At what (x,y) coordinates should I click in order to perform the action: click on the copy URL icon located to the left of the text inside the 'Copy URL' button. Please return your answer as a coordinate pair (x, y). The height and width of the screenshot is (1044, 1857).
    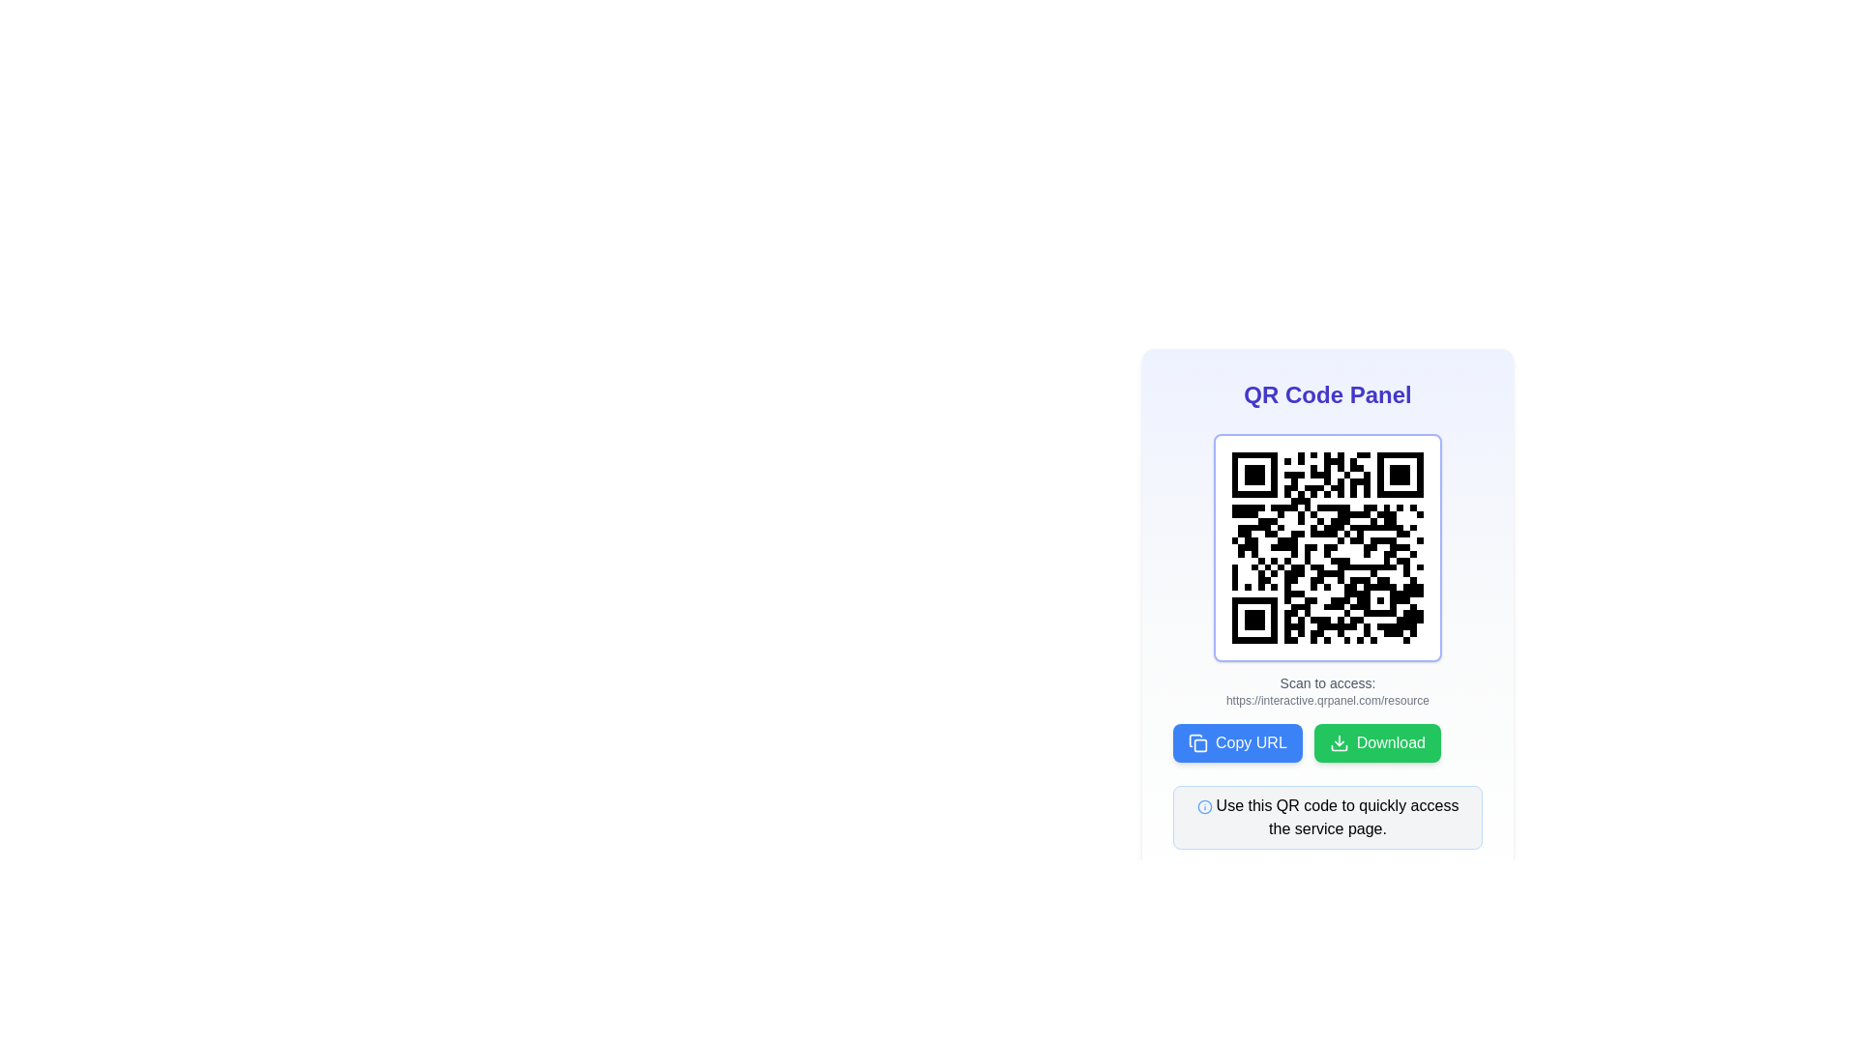
    Looking at the image, I should click on (1196, 741).